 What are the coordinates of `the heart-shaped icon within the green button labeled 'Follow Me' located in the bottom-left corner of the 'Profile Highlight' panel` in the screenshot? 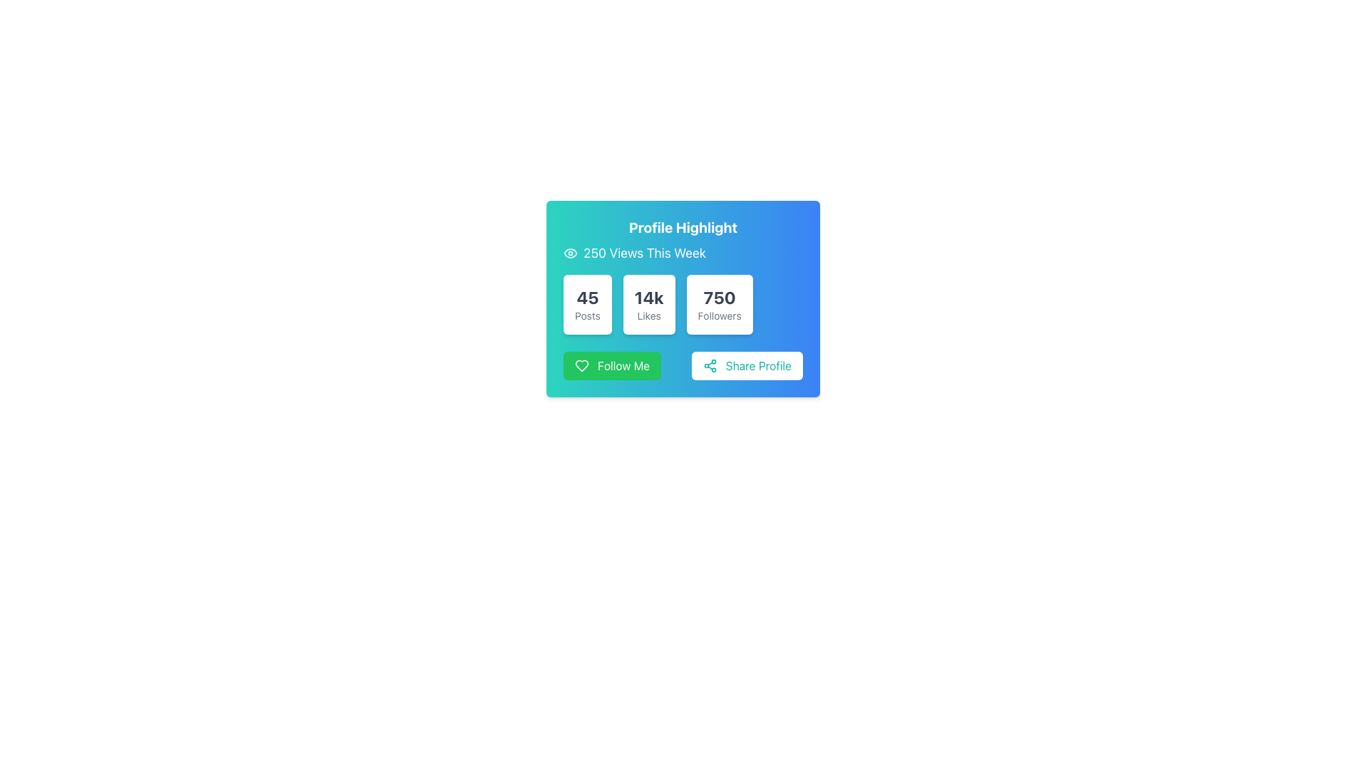 It's located at (581, 365).